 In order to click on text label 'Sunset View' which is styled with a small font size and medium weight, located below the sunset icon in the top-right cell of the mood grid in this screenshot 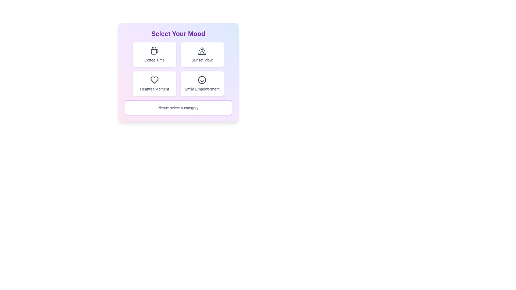, I will do `click(202, 60)`.